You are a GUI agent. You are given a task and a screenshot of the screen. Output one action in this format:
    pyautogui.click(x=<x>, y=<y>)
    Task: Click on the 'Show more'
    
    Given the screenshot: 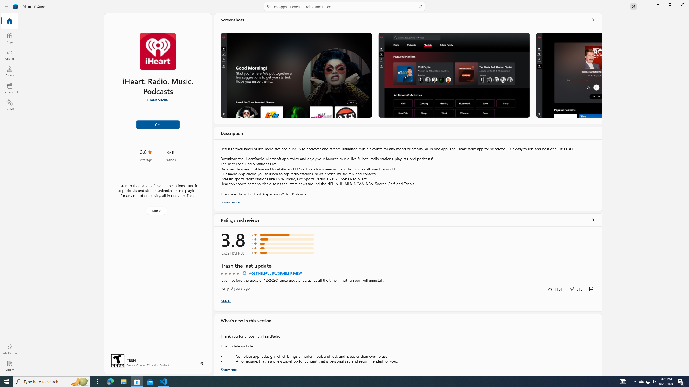 What is the action you would take?
    pyautogui.click(x=229, y=369)
    